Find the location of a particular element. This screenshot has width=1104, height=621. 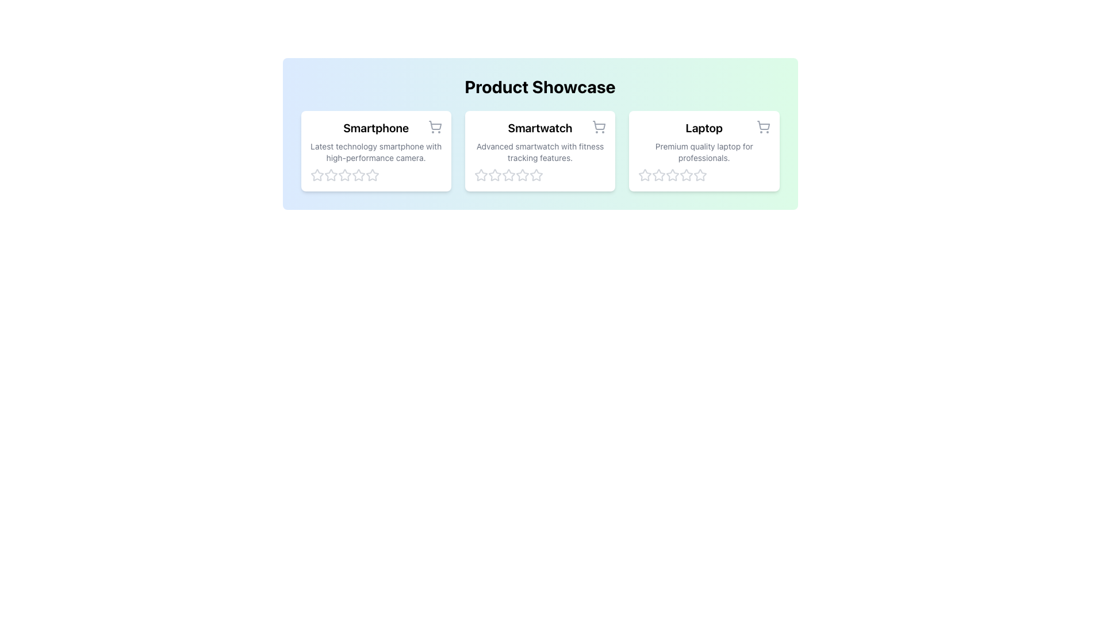

text providing additional information about the product 'Smartphone', located in the first product card below the title and above the star icons is located at coordinates (376, 152).